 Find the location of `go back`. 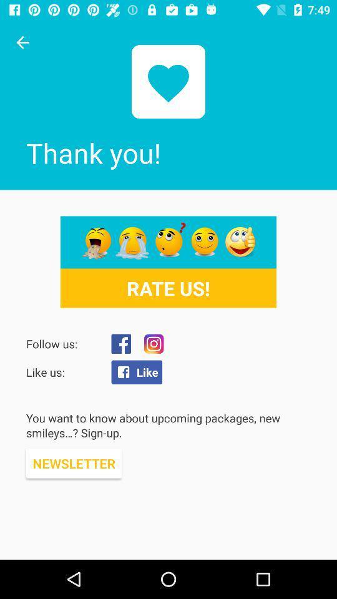

go back is located at coordinates (22, 42).